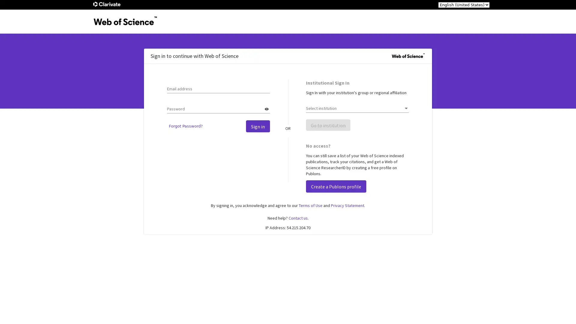 This screenshot has width=576, height=324. I want to click on Create a Publons profile, so click(336, 186).